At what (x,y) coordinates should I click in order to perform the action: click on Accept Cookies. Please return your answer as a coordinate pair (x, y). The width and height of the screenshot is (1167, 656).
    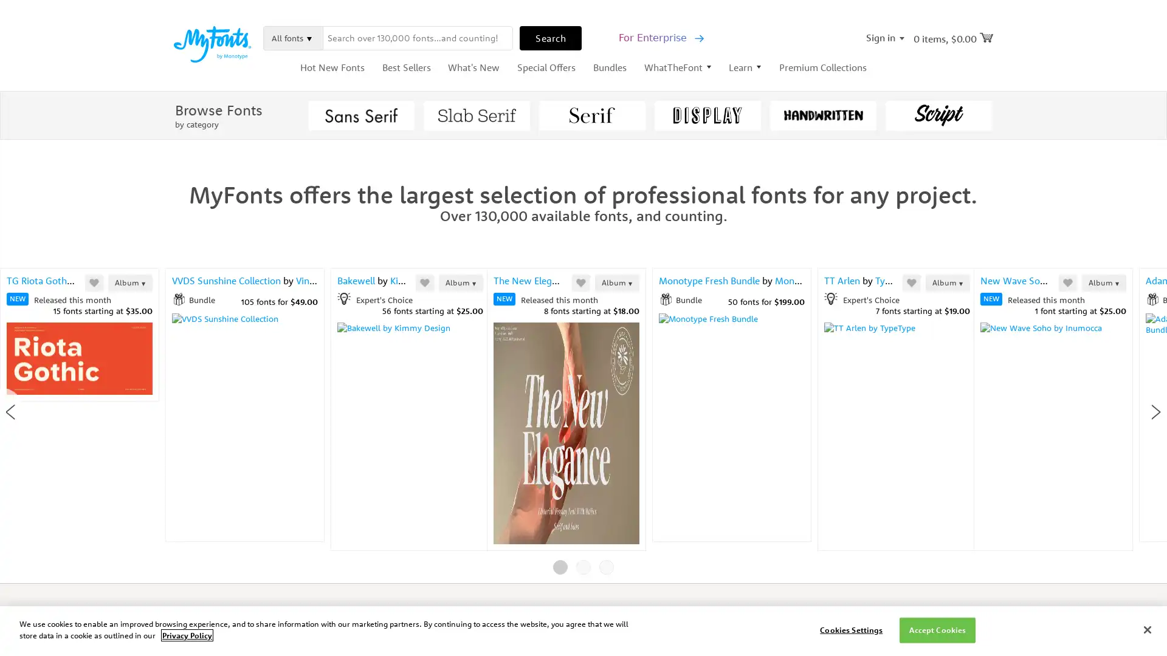
    Looking at the image, I should click on (937, 629).